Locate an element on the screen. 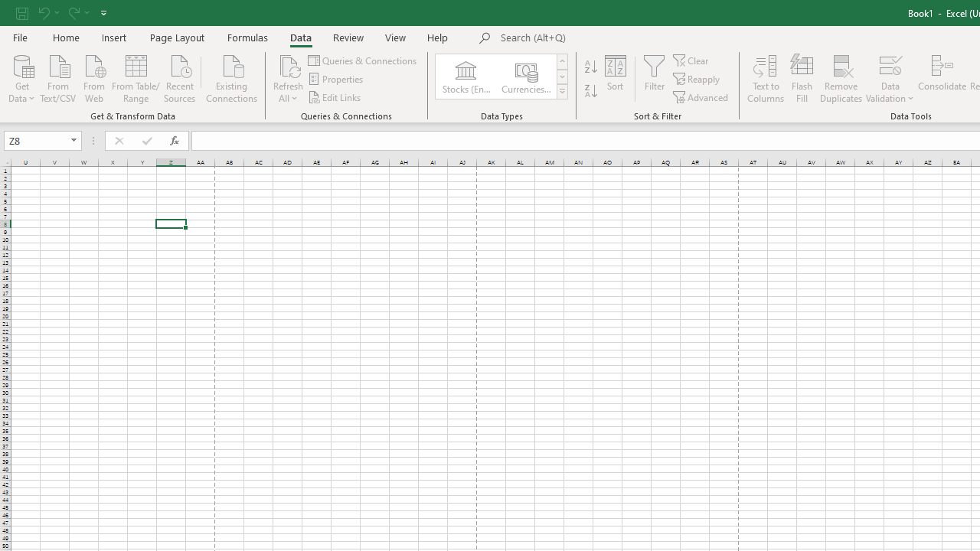 This screenshot has height=551, width=980. 'Data' is located at coordinates (300, 37).